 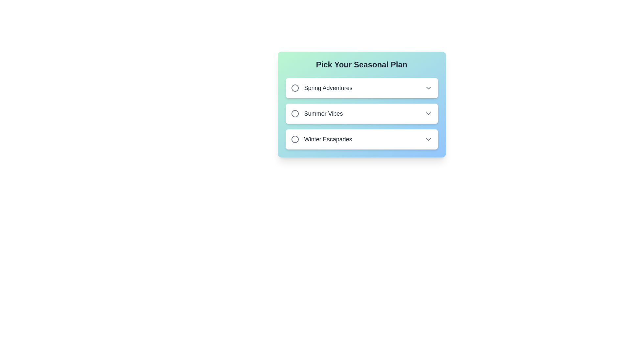 I want to click on the Circle UI element, which is likely a radio button, positioned to the left of the 'Summer Vibes' text, so click(x=294, y=113).